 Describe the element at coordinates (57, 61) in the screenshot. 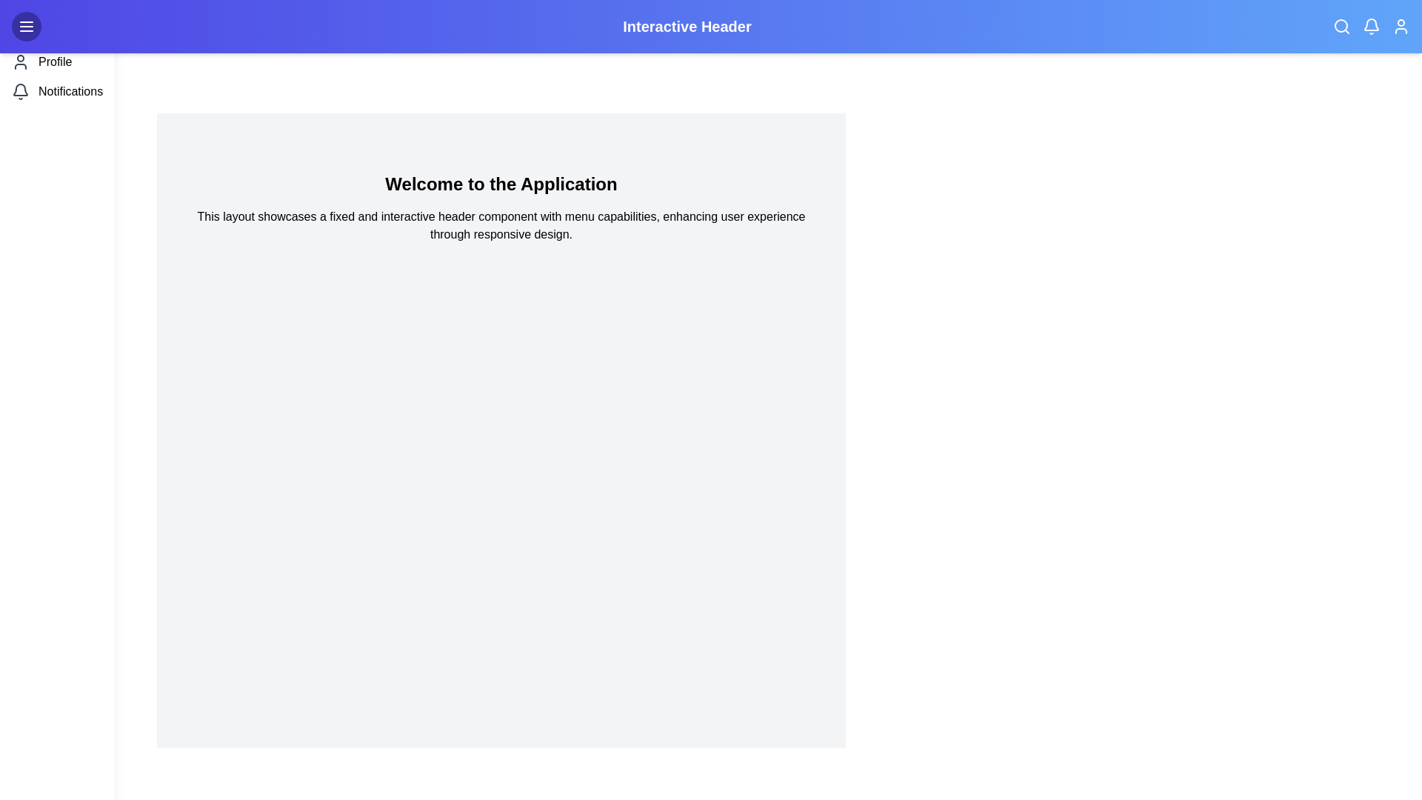

I see `the profile section menu item located at the top of the vertical list in the left-hand sidebar for accessibility purposes` at that location.